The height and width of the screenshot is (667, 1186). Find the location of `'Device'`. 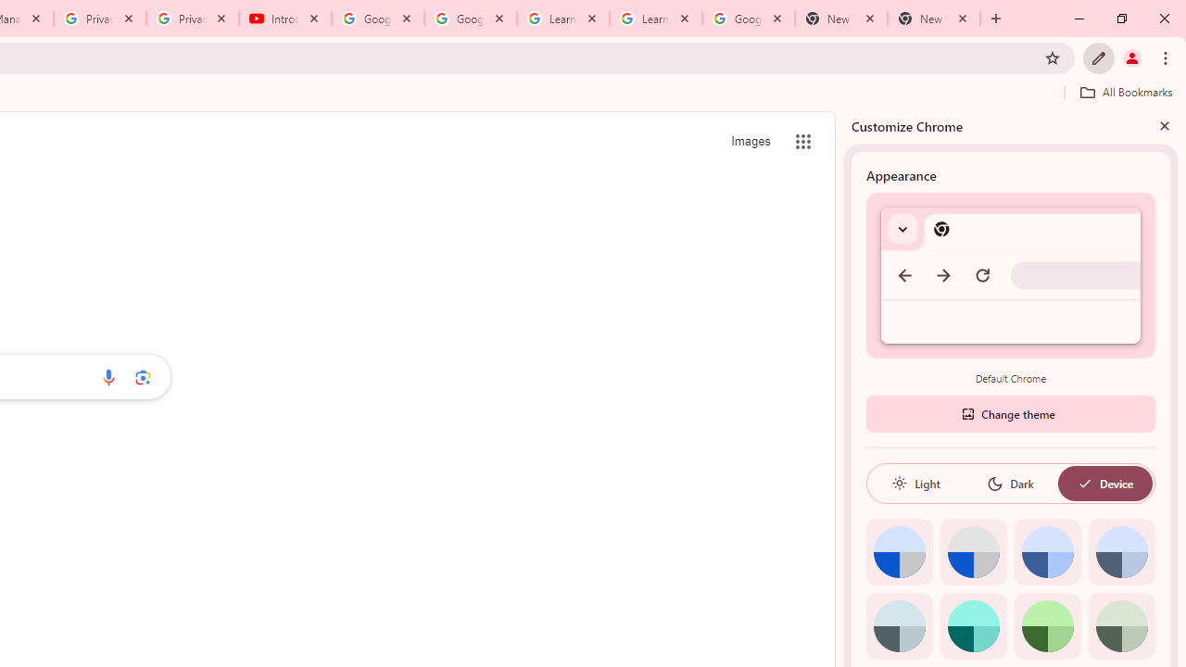

'Device' is located at coordinates (1104, 483).